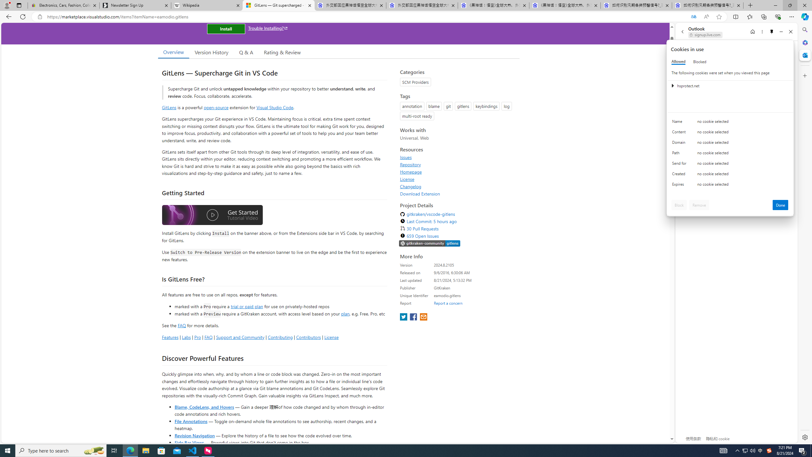  Describe the element at coordinates (680, 143) in the screenshot. I see `'Domain'` at that location.